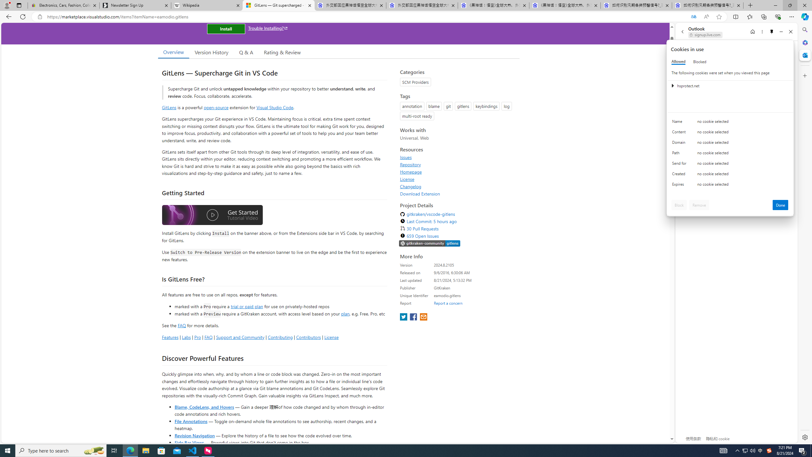  Describe the element at coordinates (680, 143) in the screenshot. I see `'Domain'` at that location.